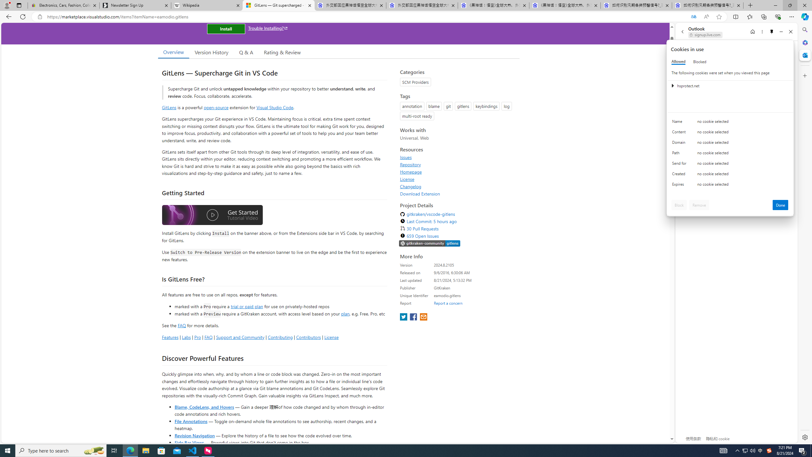  Describe the element at coordinates (680, 143) in the screenshot. I see `'Domain'` at that location.